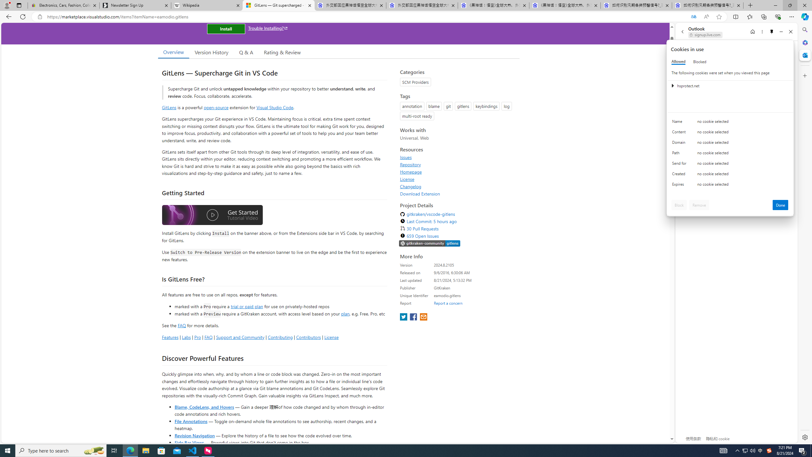  Describe the element at coordinates (680, 143) in the screenshot. I see `'Domain'` at that location.